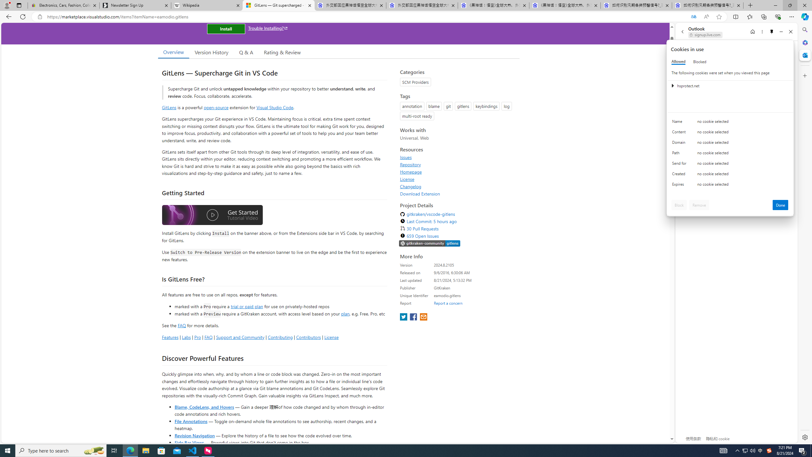  Describe the element at coordinates (680, 143) in the screenshot. I see `'Domain'` at that location.